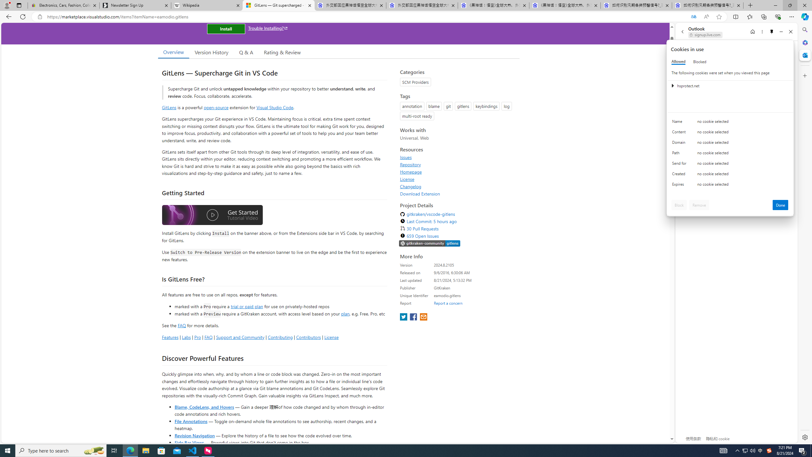  Describe the element at coordinates (680, 143) in the screenshot. I see `'Domain'` at that location.